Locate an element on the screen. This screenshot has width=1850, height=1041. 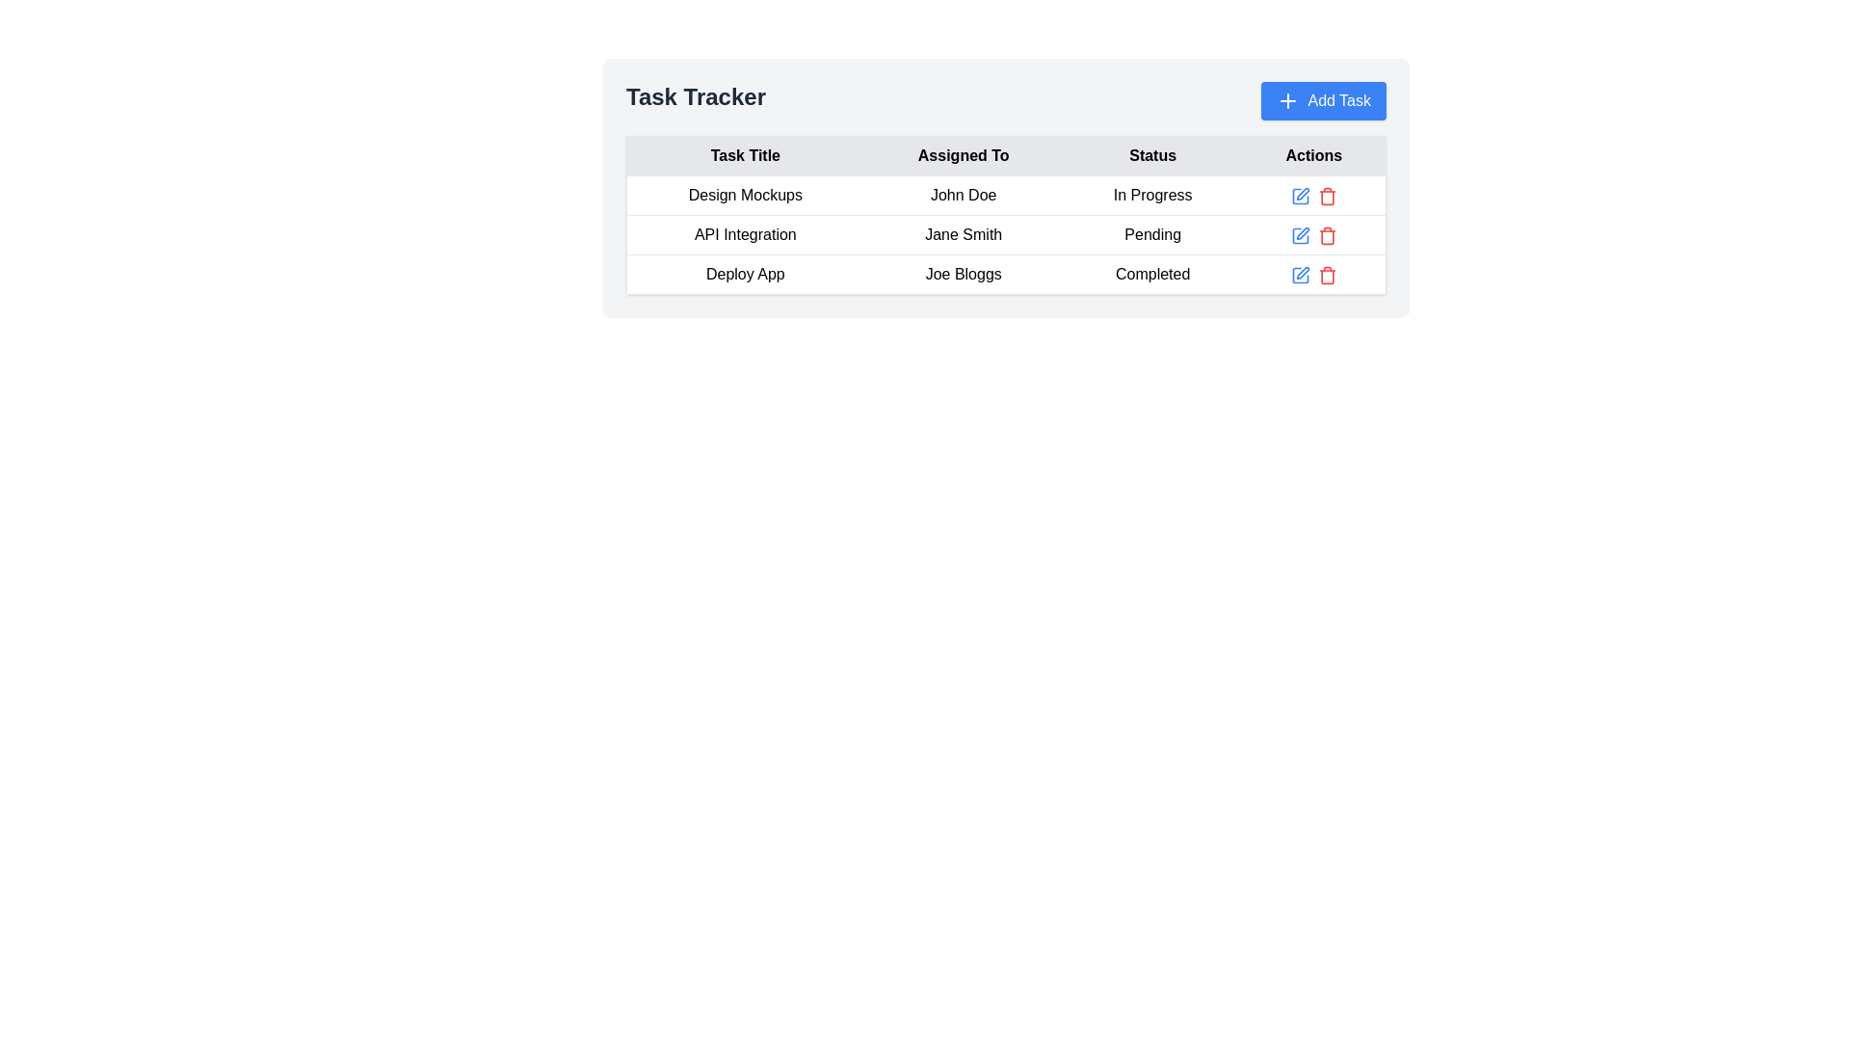
the Text label in the third row of the table under the 'Assigned To' column, which displays the name of the individual assigned to the task is located at coordinates (964, 275).